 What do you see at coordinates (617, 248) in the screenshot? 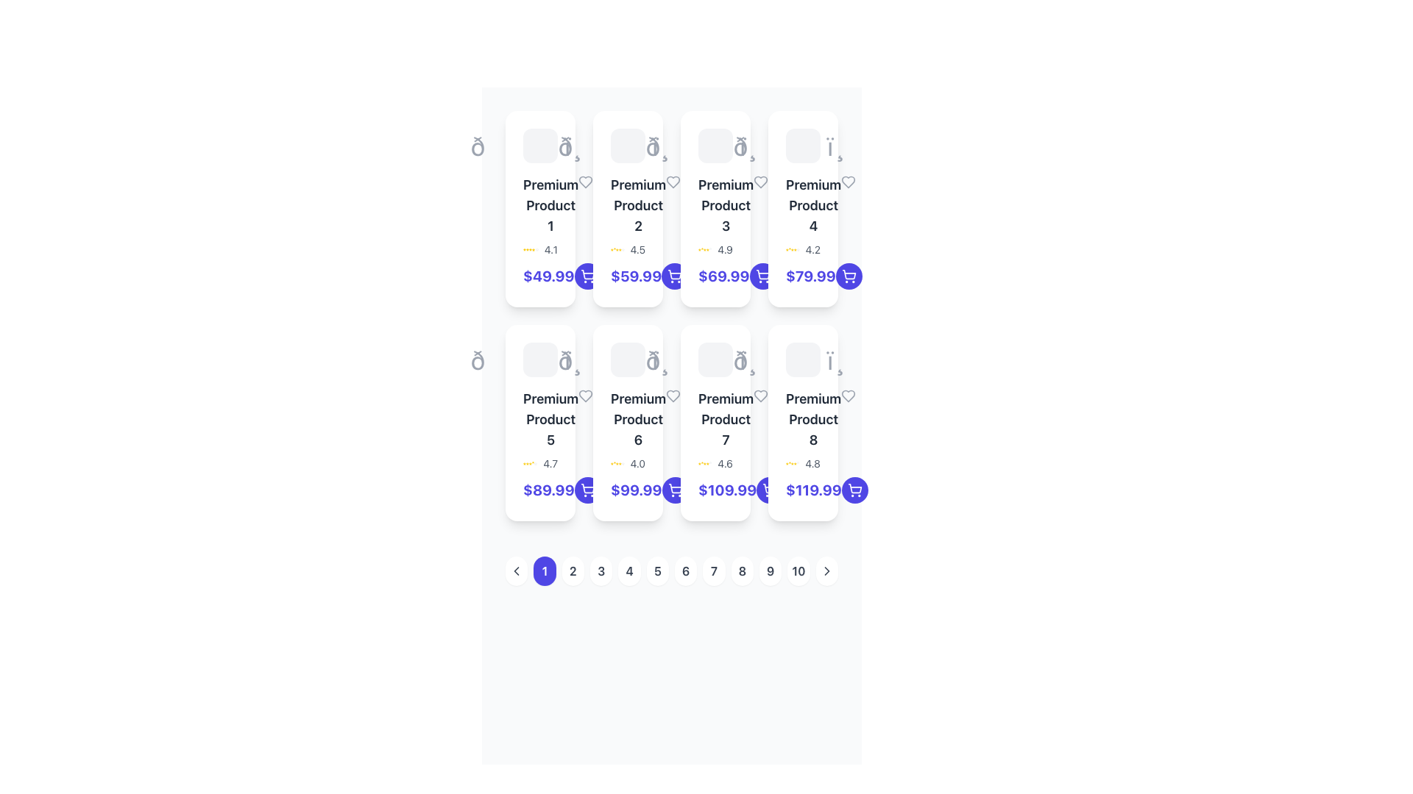
I see `the yellow-filled star icon, which is the fourth star in the 5-star rating system for the product card titled 'Premium Product 2', located in the second column of the first row` at bounding box center [617, 248].